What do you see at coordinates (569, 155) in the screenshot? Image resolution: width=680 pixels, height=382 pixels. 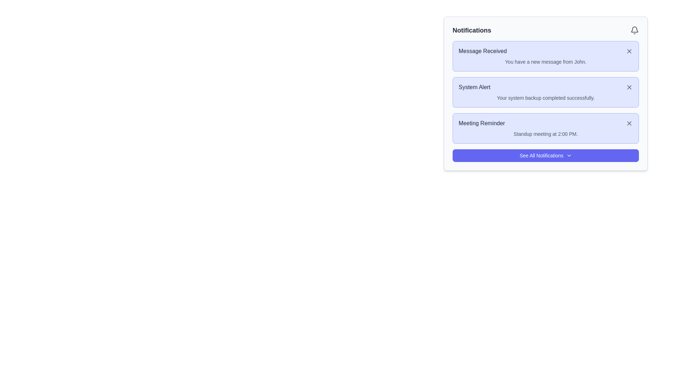 I see `the chevron icon located to the right of the 'See All Notifications' text within the blue button at the bottom of the notification panel` at bounding box center [569, 155].